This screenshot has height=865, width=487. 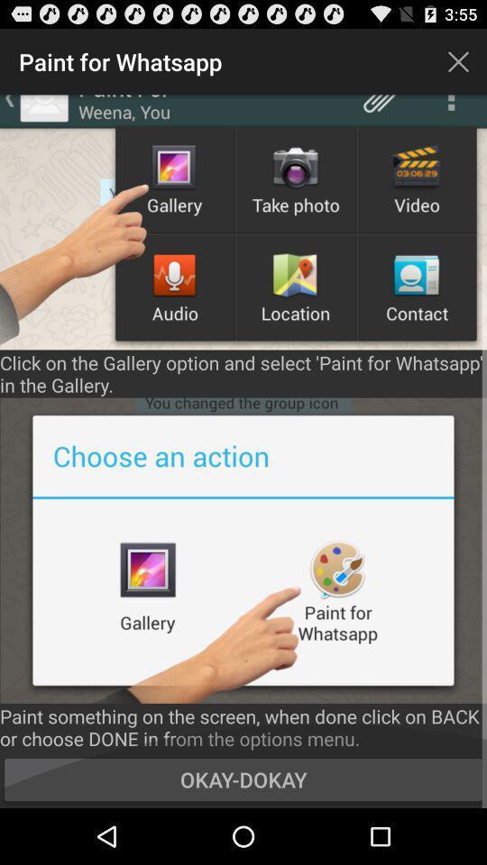 What do you see at coordinates (458, 61) in the screenshot?
I see `the icon next to the paint for whatsapp item` at bounding box center [458, 61].